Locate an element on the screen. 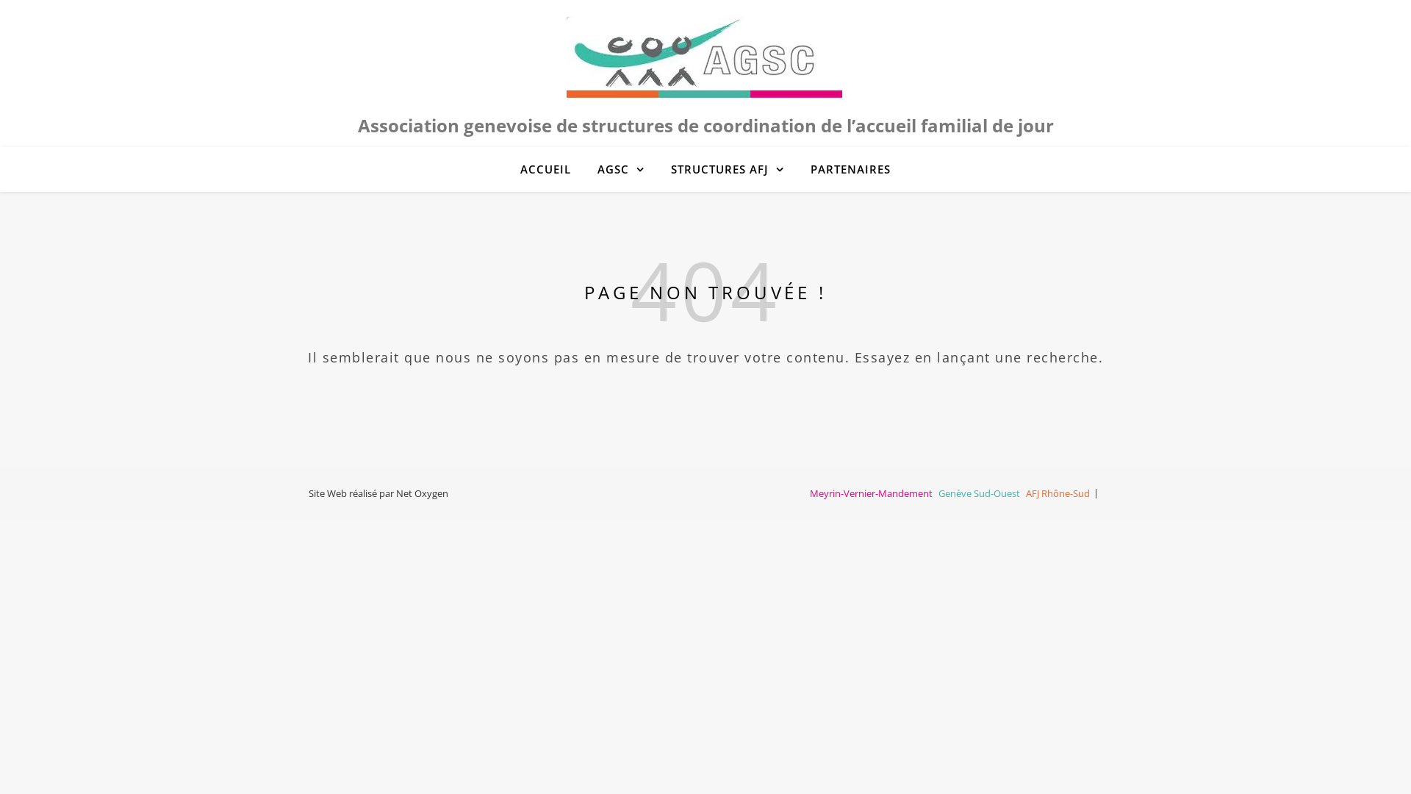 This screenshot has width=1411, height=794. 'STRUCTURES AFJ' is located at coordinates (727, 168).